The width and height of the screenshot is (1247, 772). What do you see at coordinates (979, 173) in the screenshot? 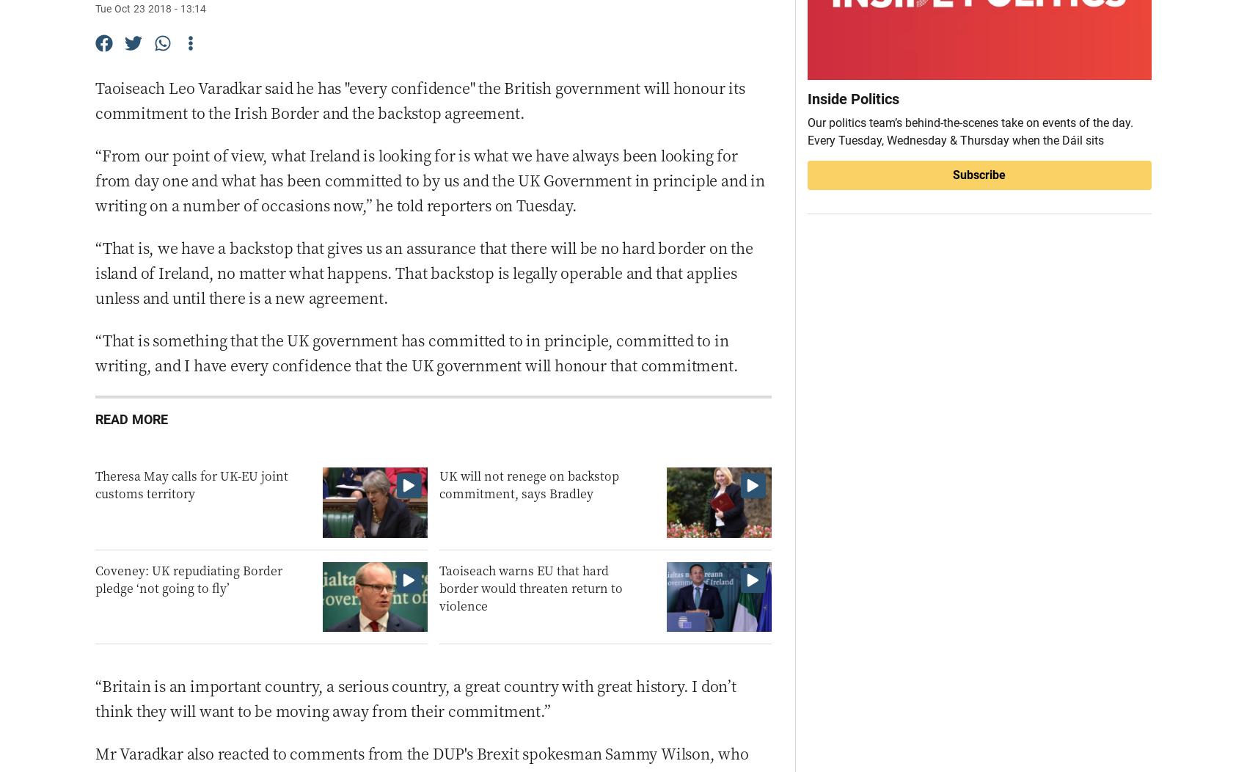
I see `'Subscribe'` at bounding box center [979, 173].